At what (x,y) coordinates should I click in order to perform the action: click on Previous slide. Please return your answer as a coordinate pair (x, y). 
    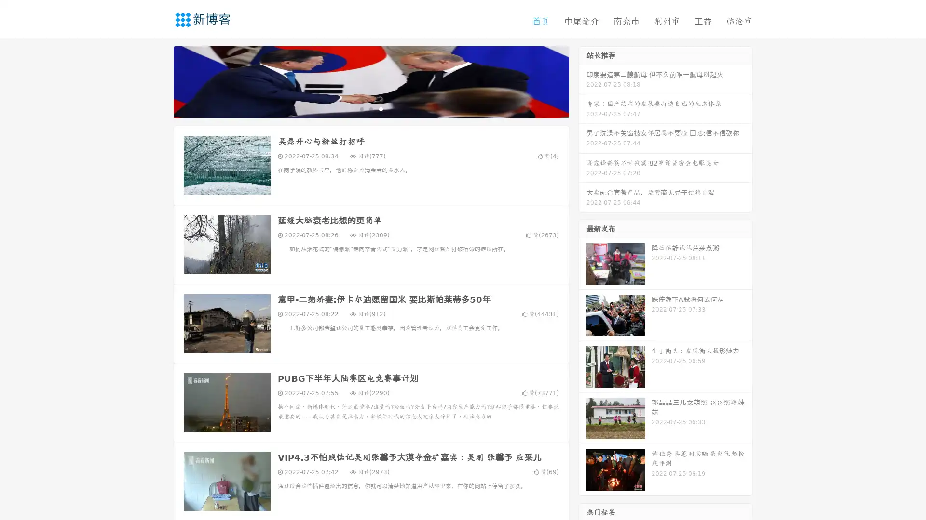
    Looking at the image, I should click on (159, 81).